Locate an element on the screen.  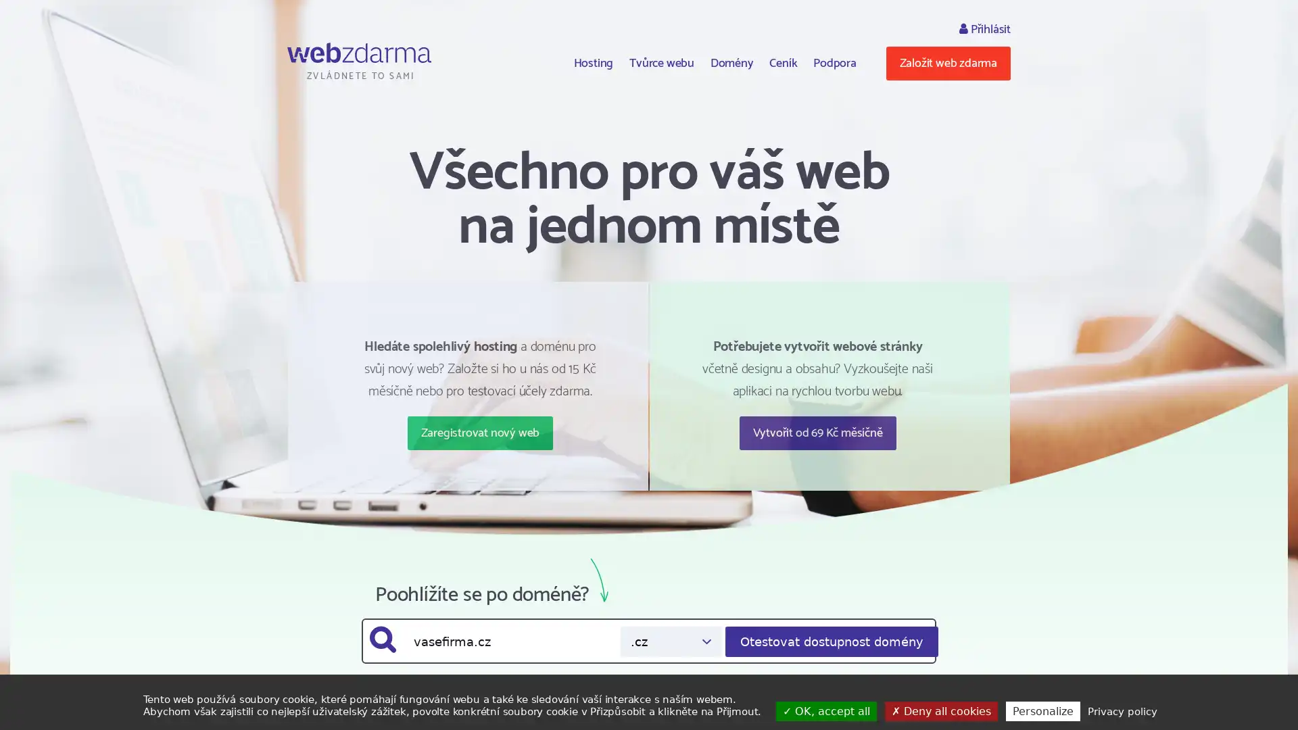
Otestovat dostupnost domeny is located at coordinates (831, 641).